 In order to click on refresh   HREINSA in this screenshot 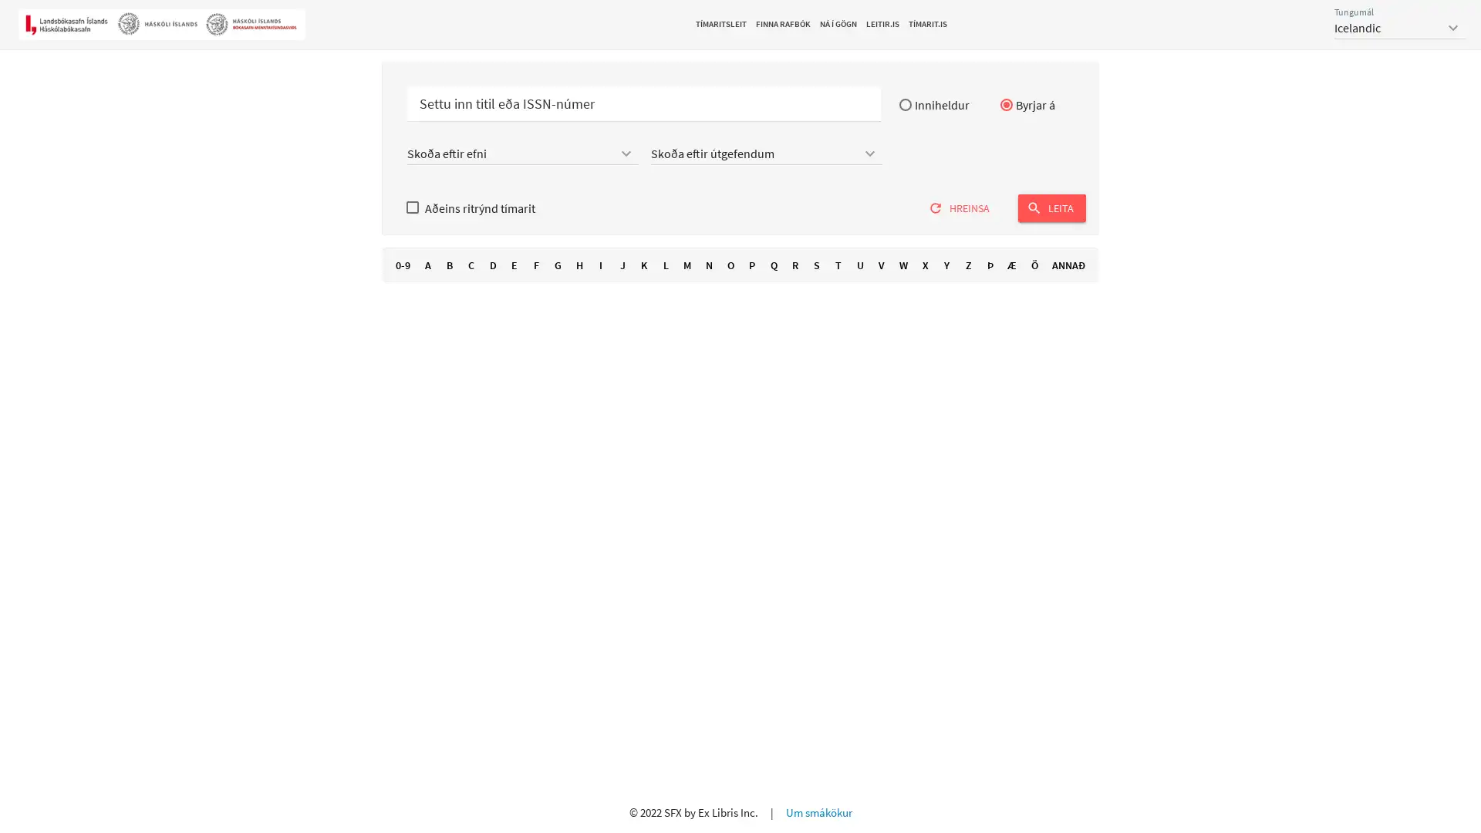, I will do `click(960, 208)`.